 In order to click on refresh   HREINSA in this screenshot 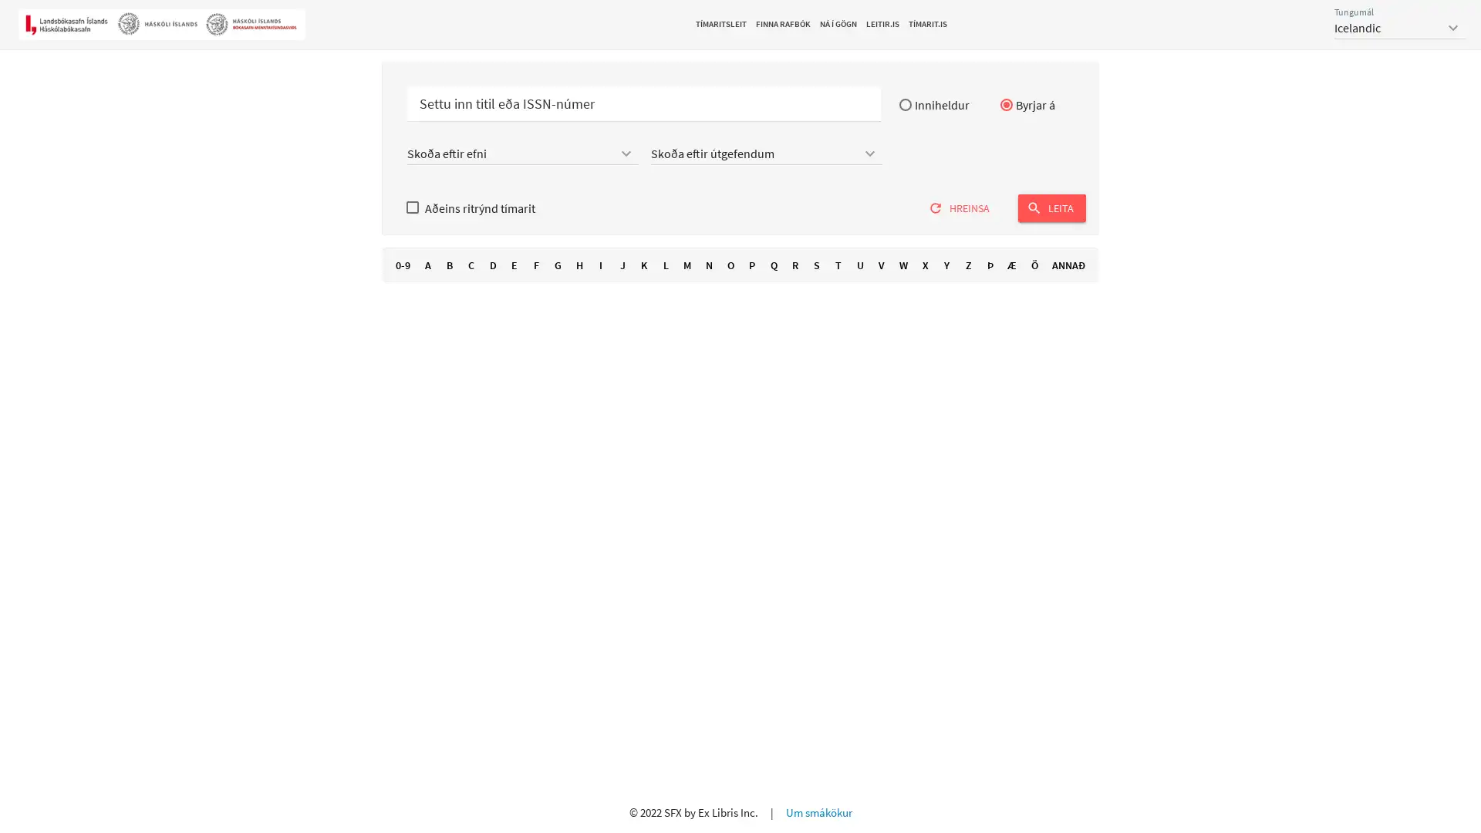, I will do `click(960, 208)`.